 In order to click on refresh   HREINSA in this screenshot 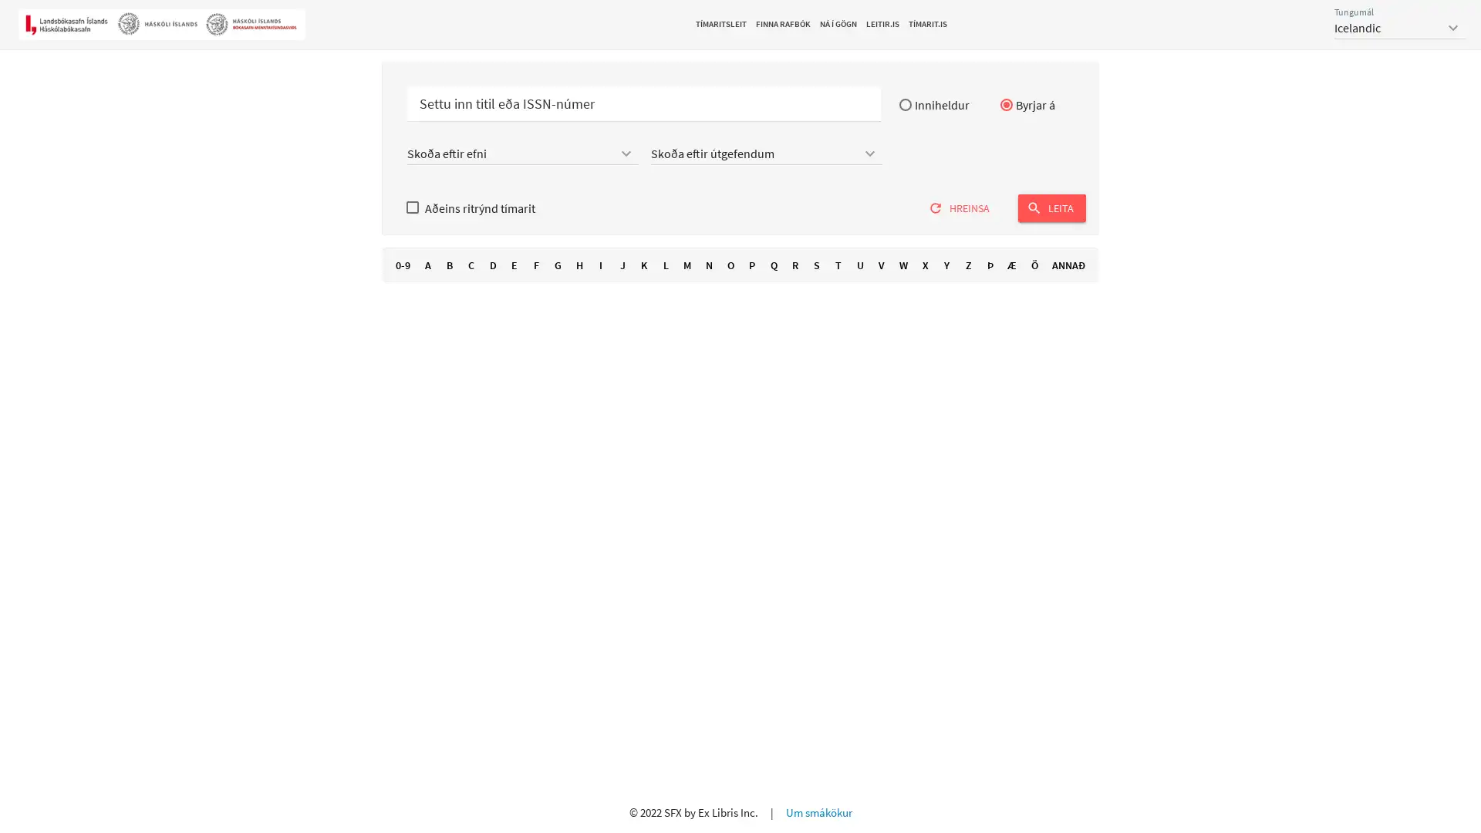, I will do `click(960, 208)`.